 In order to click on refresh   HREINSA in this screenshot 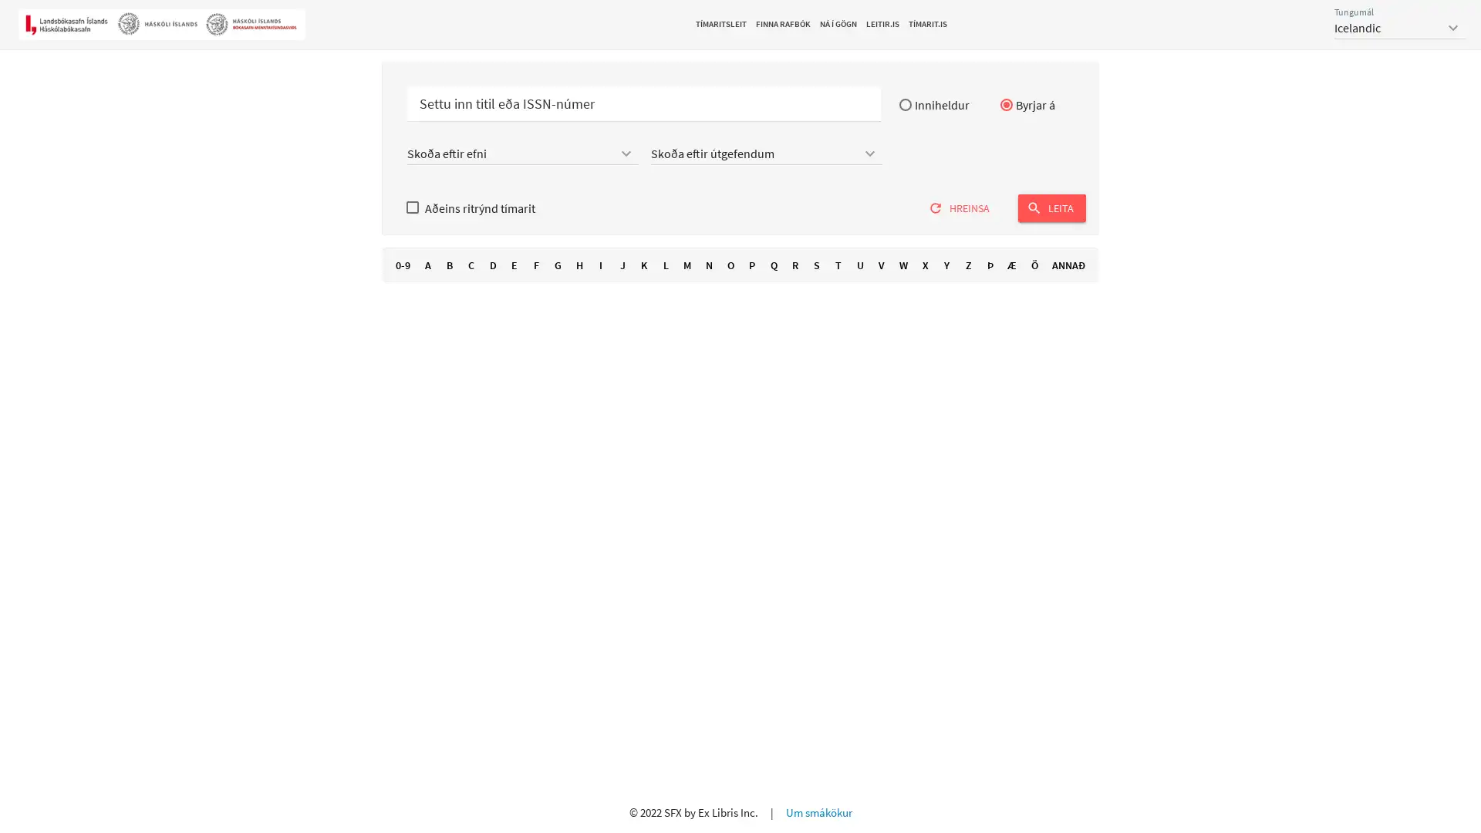, I will do `click(960, 208)`.